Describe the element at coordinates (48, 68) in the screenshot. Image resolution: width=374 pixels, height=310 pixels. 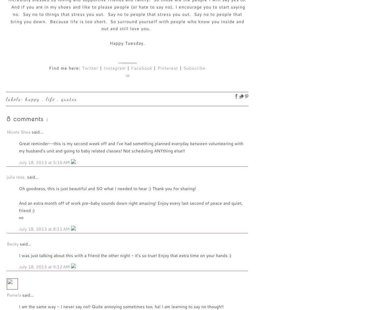
I see `'Find me here:'` at that location.